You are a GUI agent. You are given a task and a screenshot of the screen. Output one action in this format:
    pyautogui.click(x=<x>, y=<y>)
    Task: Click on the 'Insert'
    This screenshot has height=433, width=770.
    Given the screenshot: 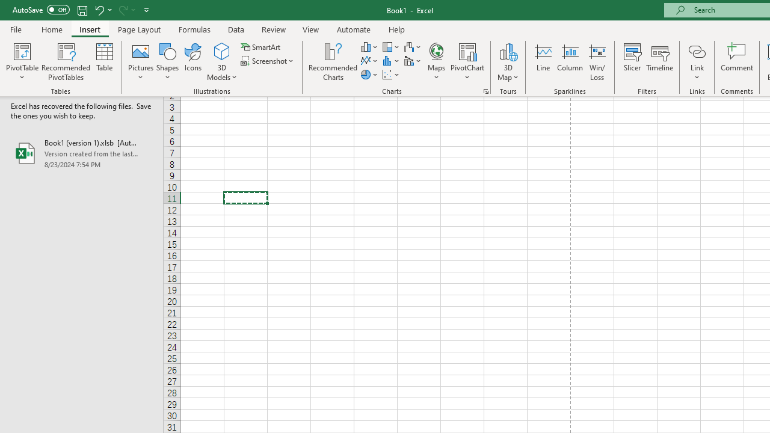 What is the action you would take?
    pyautogui.click(x=89, y=29)
    